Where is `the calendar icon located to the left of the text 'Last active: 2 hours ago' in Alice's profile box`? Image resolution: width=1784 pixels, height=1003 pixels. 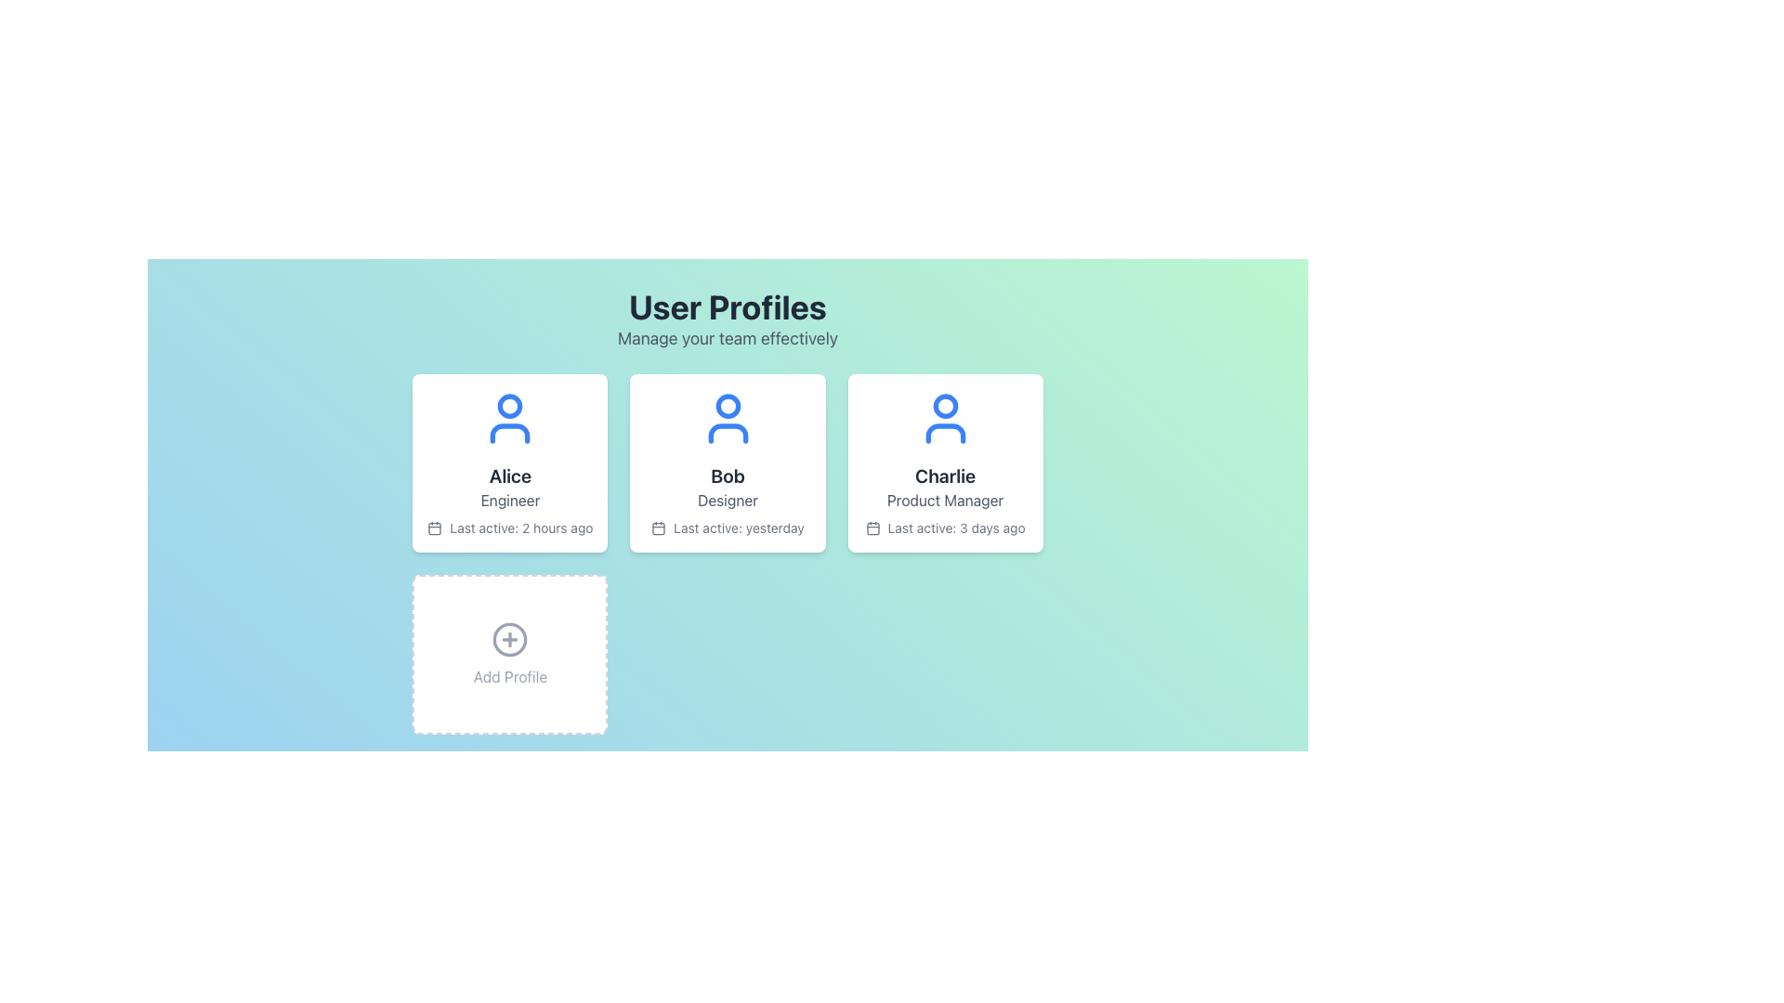 the calendar icon located to the left of the text 'Last active: 2 hours ago' in Alice's profile box is located at coordinates (434, 528).